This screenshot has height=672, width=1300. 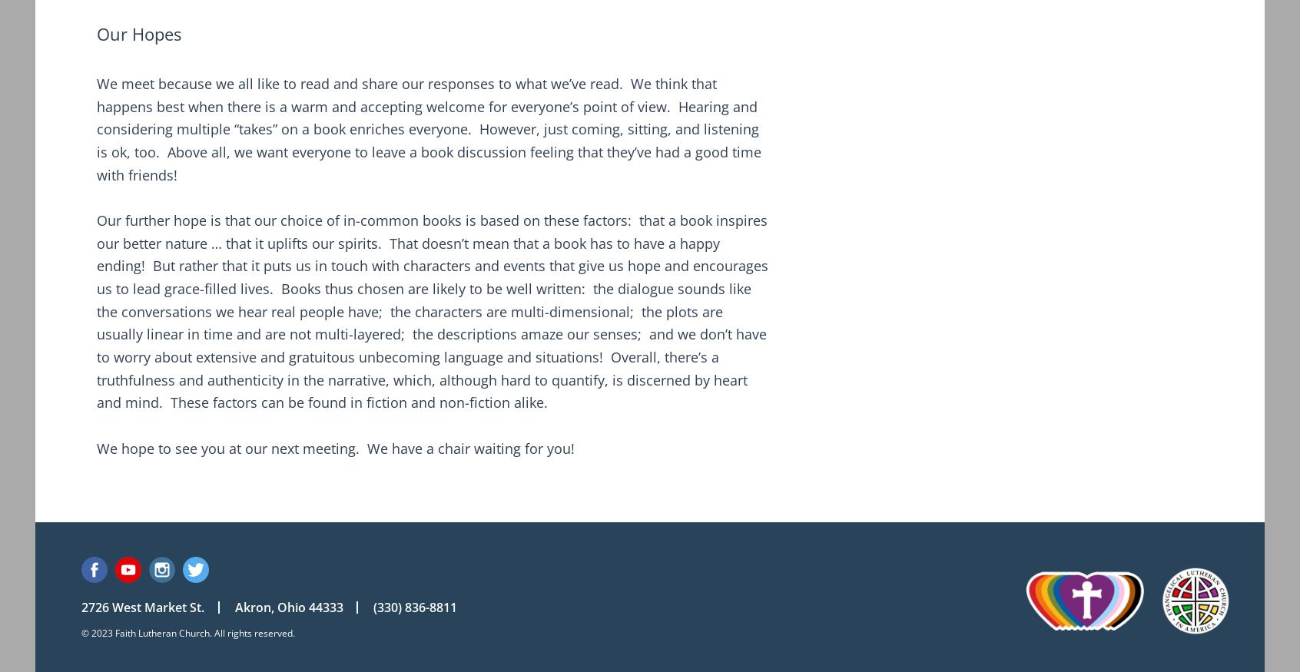 I want to click on '44333', so click(x=325, y=606).